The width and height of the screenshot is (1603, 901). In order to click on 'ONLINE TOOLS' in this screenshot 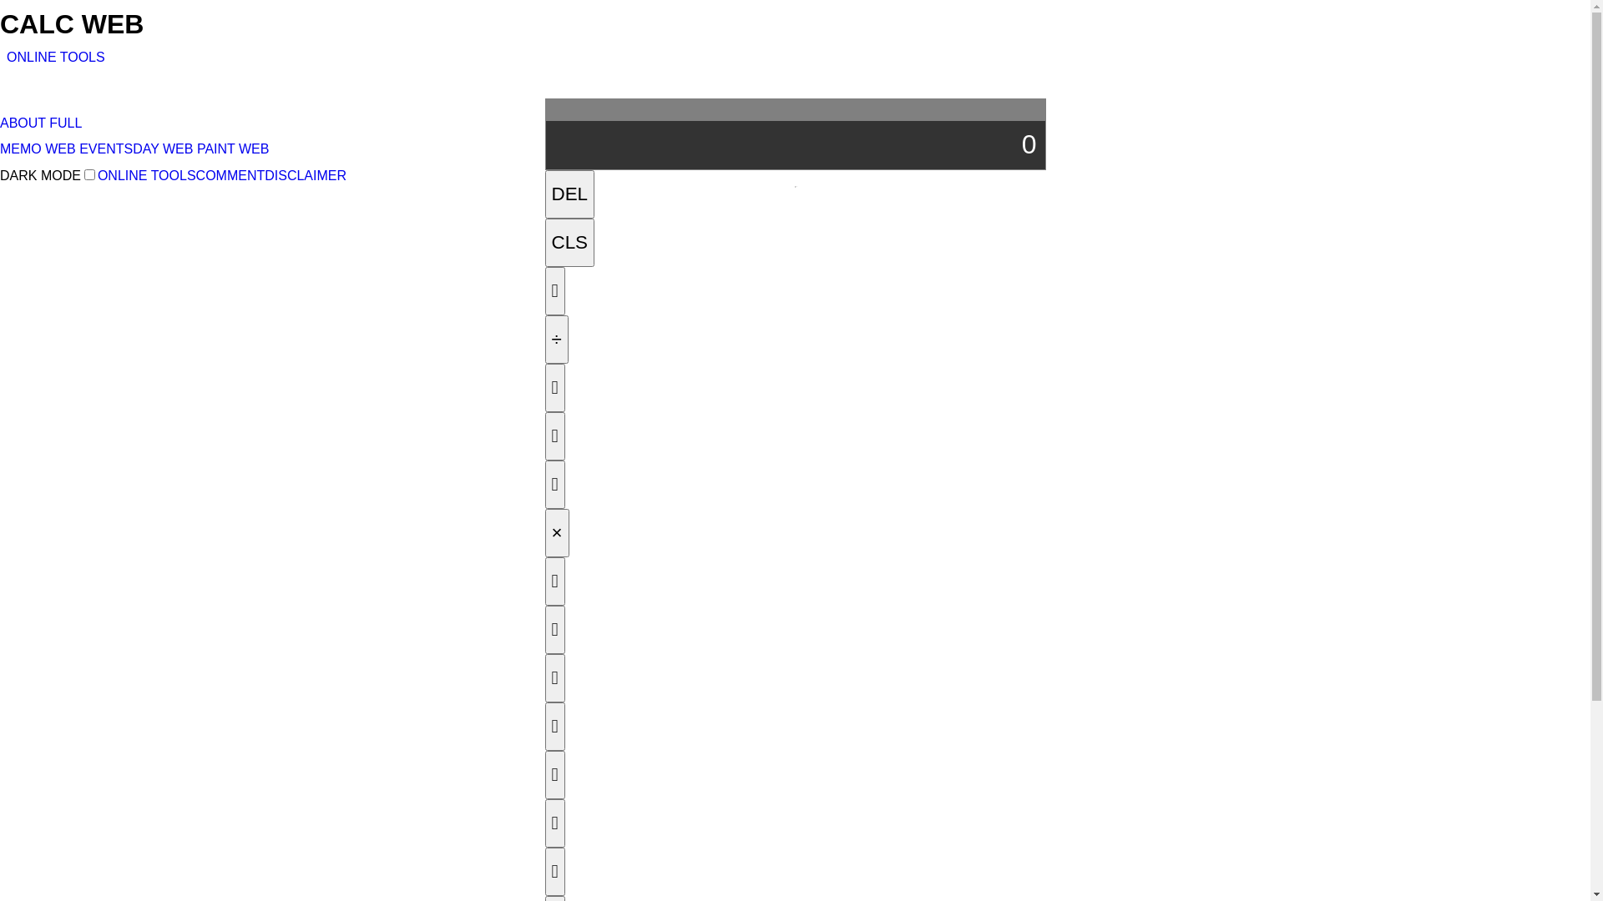, I will do `click(56, 56)`.